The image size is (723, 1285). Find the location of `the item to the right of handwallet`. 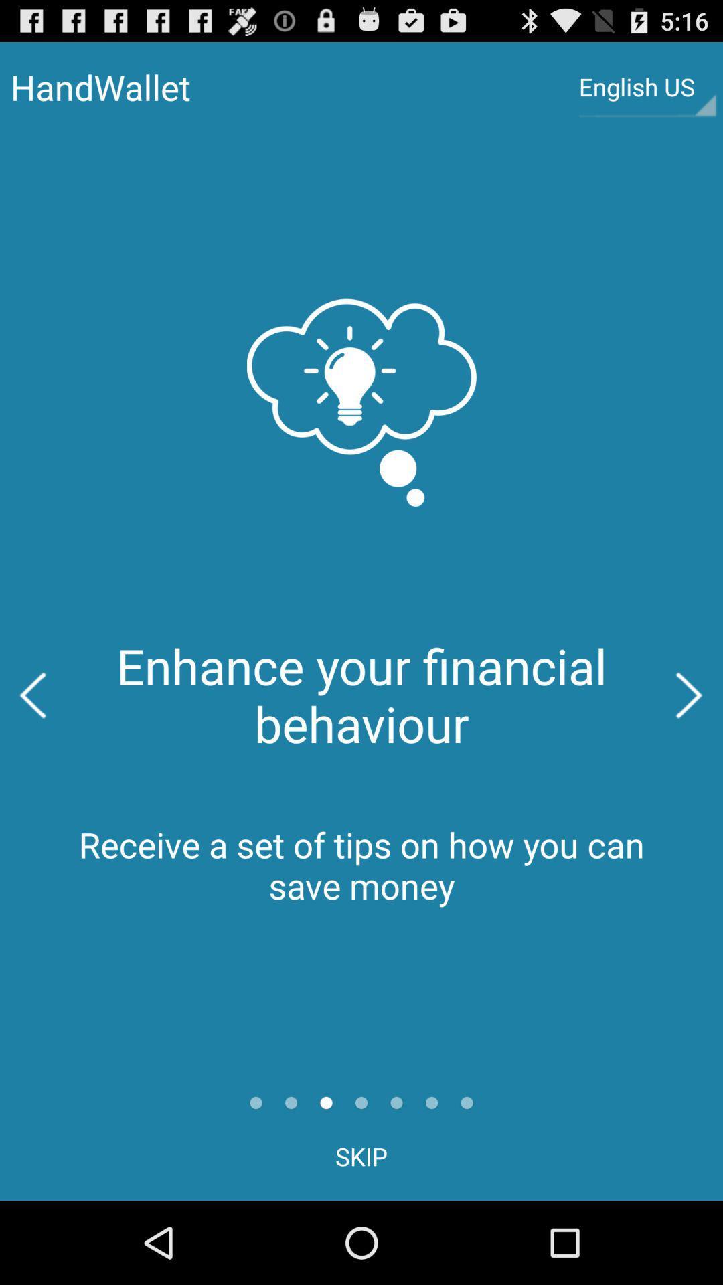

the item to the right of handwallet is located at coordinates (647, 86).